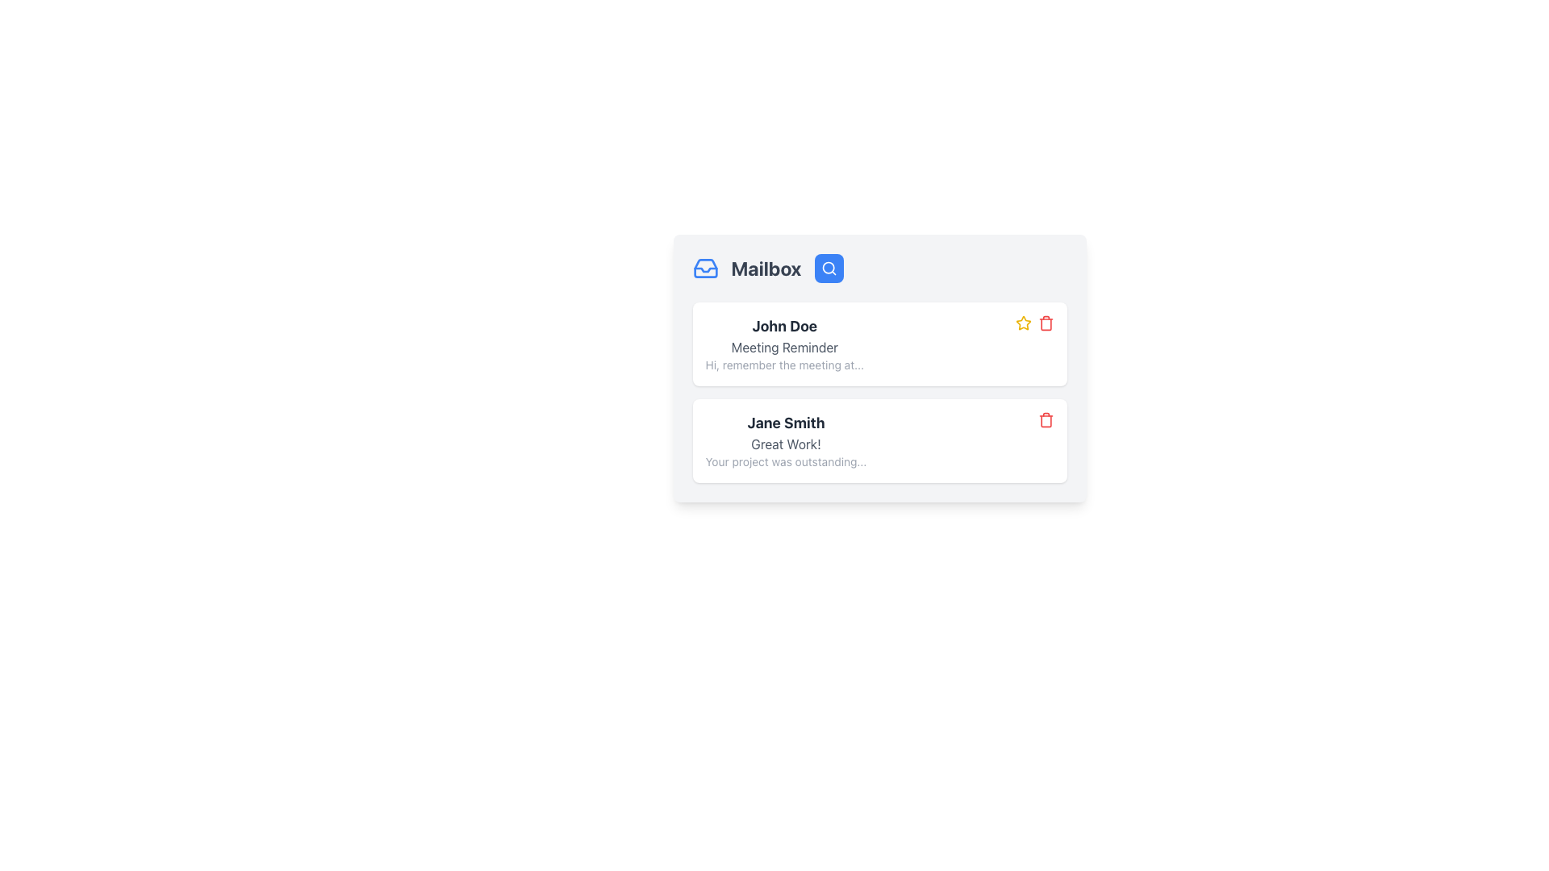  I want to click on the Text Content Block that displays 'Jane Smith' in bold, followed by 'Great Work!' and 'Your project was outstanding...', located in the second card of a vertical list, so click(786, 441).